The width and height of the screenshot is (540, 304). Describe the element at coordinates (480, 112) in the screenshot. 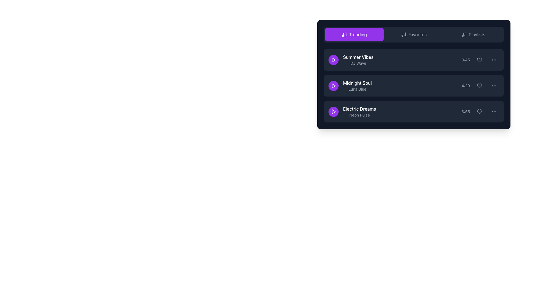

I see `the favorite button located` at that location.